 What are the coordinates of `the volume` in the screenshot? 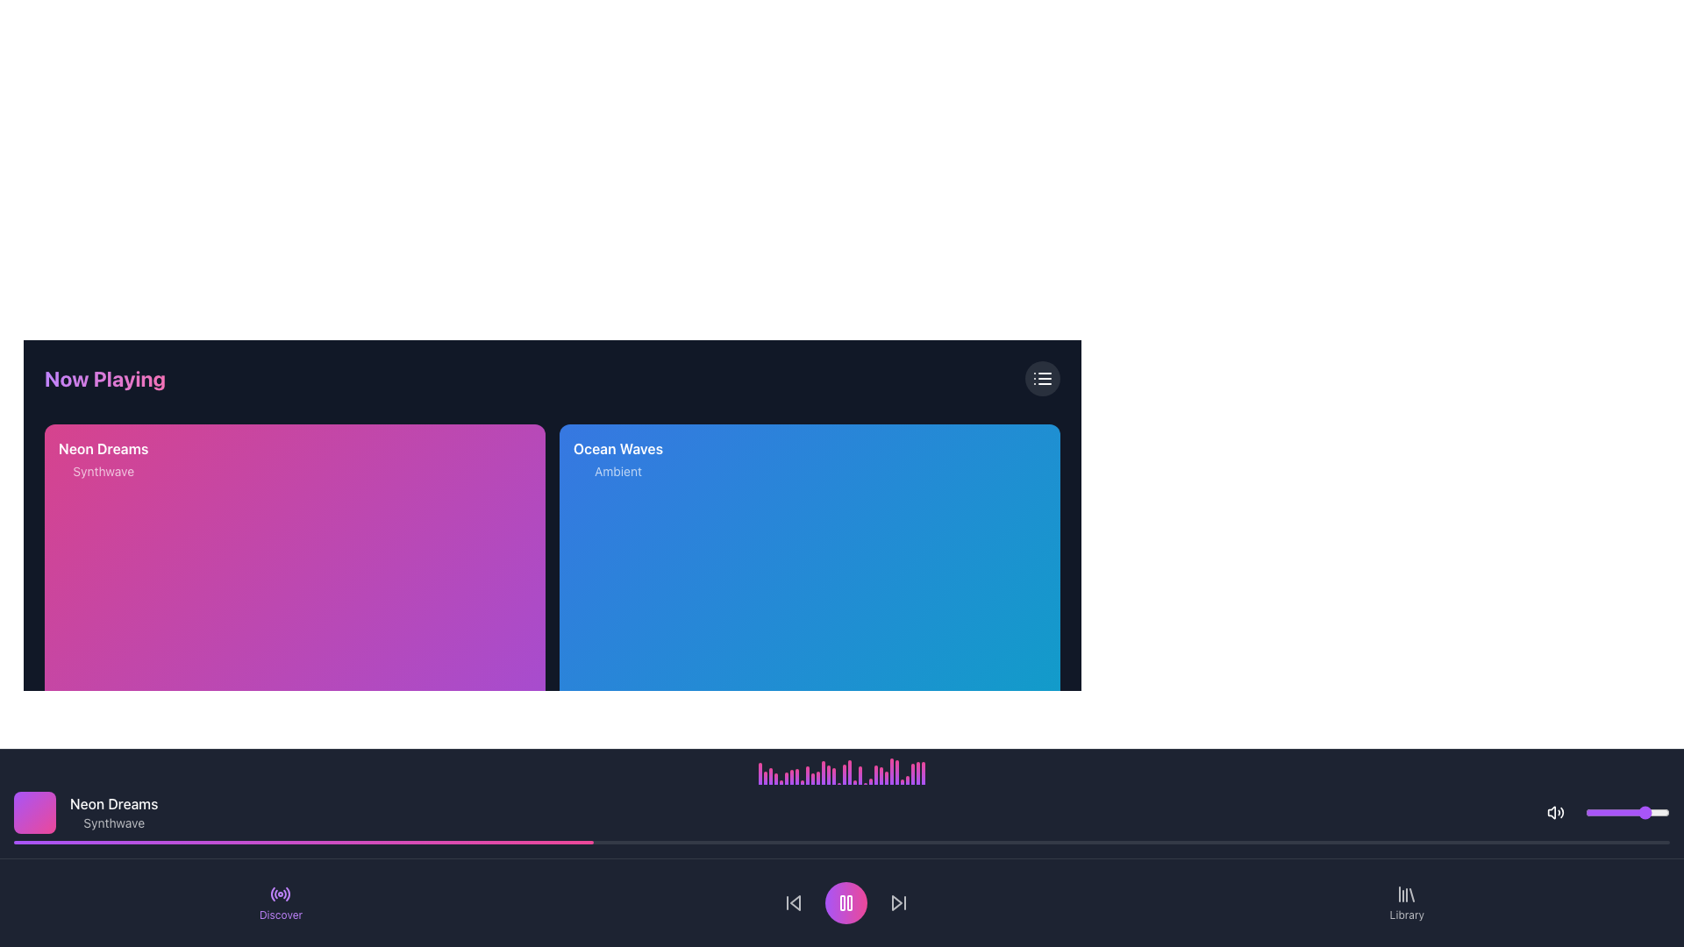 It's located at (1633, 812).